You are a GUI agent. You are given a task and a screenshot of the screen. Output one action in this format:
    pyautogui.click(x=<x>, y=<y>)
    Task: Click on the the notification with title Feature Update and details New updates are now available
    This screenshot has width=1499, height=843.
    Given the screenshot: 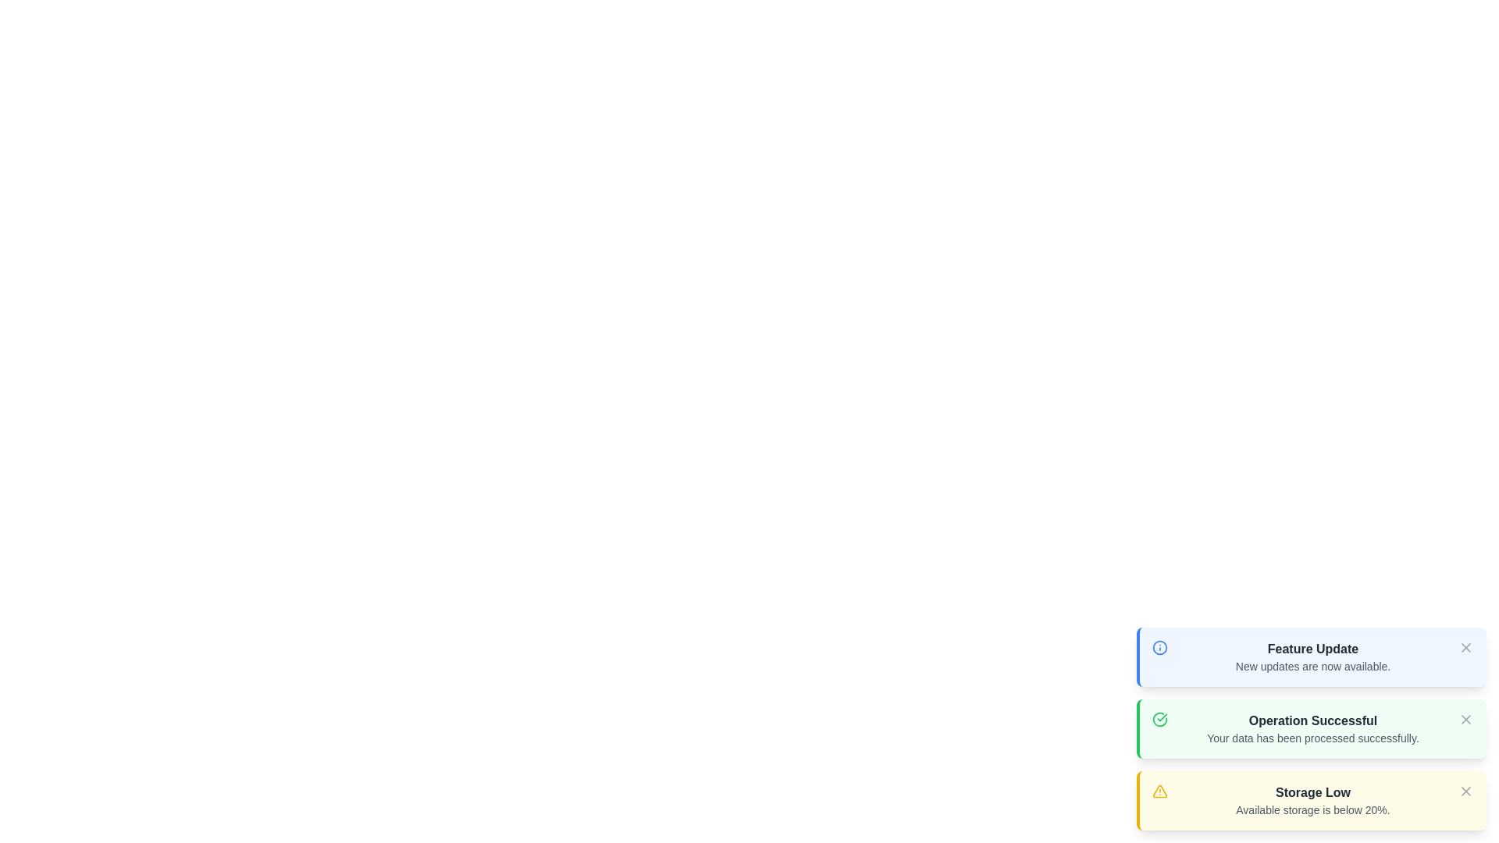 What is the action you would take?
    pyautogui.click(x=1312, y=649)
    